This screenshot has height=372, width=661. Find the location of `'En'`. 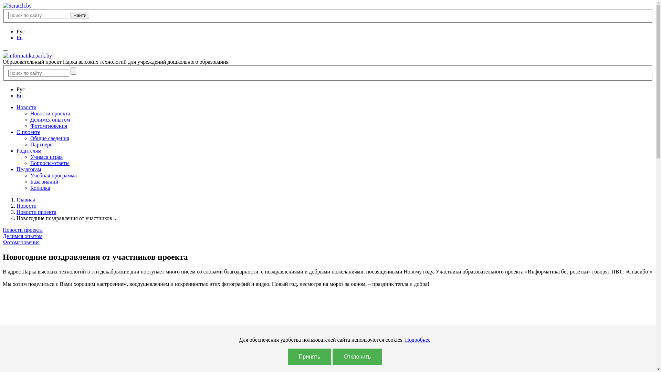

'En' is located at coordinates (20, 95).